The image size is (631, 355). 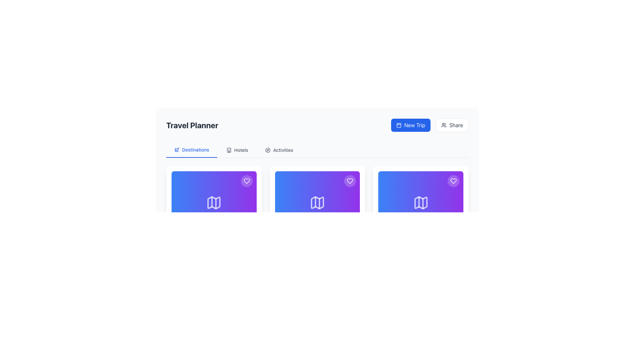 What do you see at coordinates (421, 202) in the screenshot?
I see `the icon representing the type of content related to destinations or maps` at bounding box center [421, 202].